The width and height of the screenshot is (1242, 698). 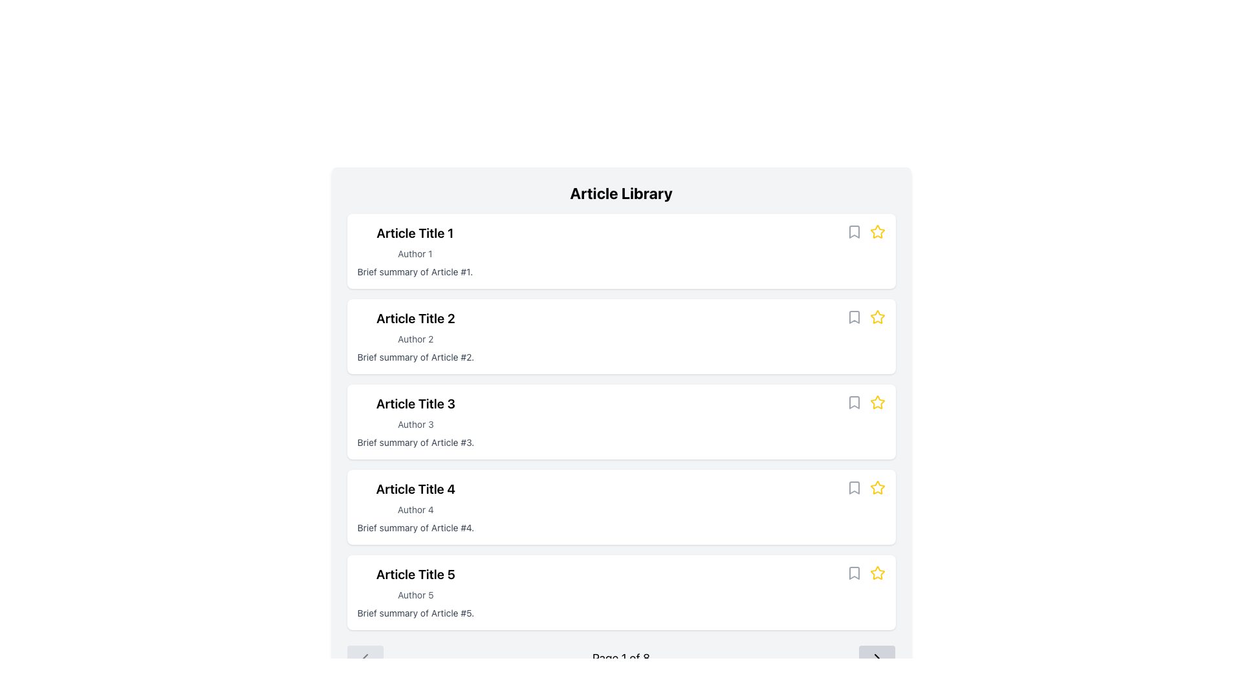 I want to click on the bookmarking button located in the 'Article Title 4' row, positioned to the right of the article's brief summary and near the star icon, so click(x=854, y=488).